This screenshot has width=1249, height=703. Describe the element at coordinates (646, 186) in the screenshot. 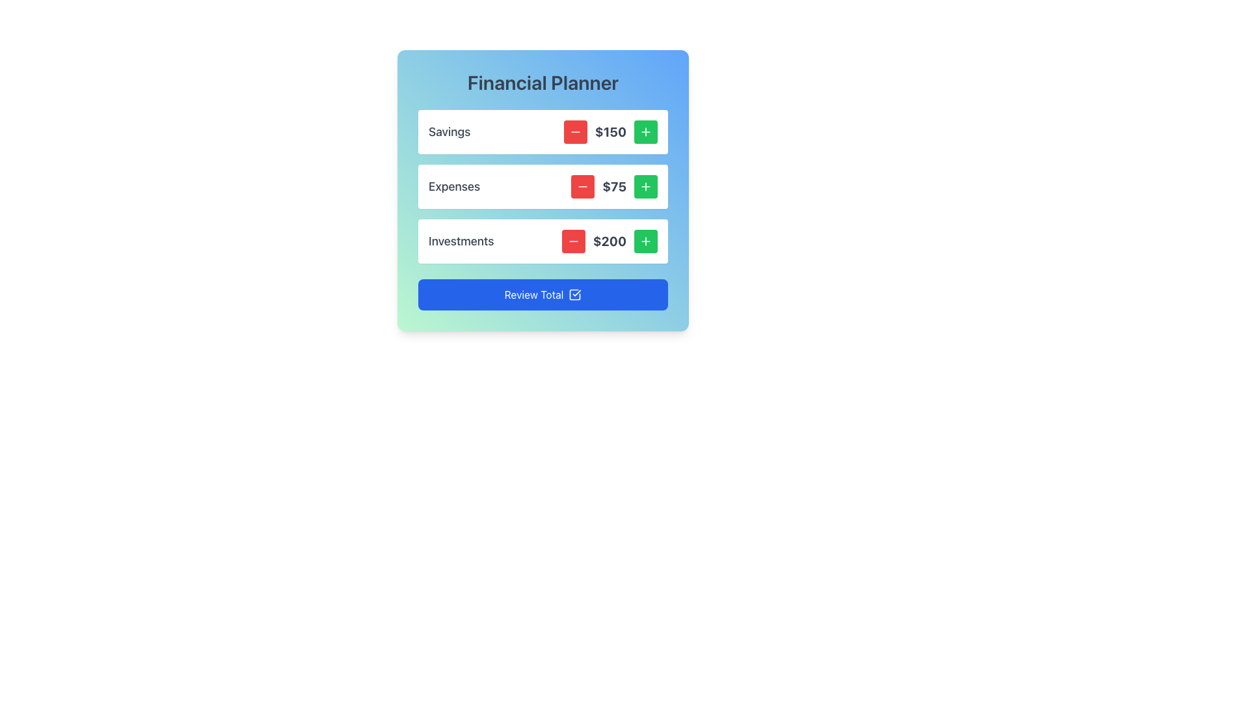

I see `the small green button with a white plus icon located next to the text '$75' in the second row under the 'Expenses' category` at that location.